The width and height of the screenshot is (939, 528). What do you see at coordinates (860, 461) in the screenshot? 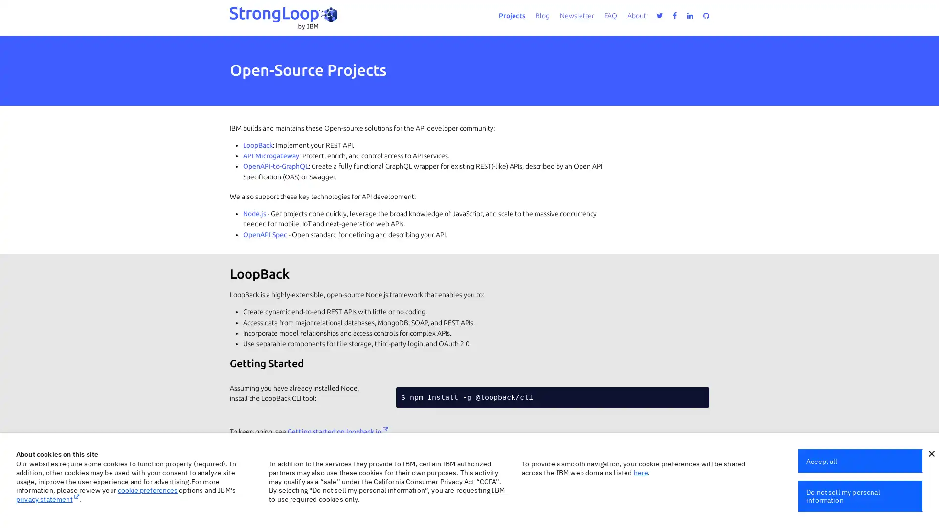
I see `Accept all` at bounding box center [860, 461].